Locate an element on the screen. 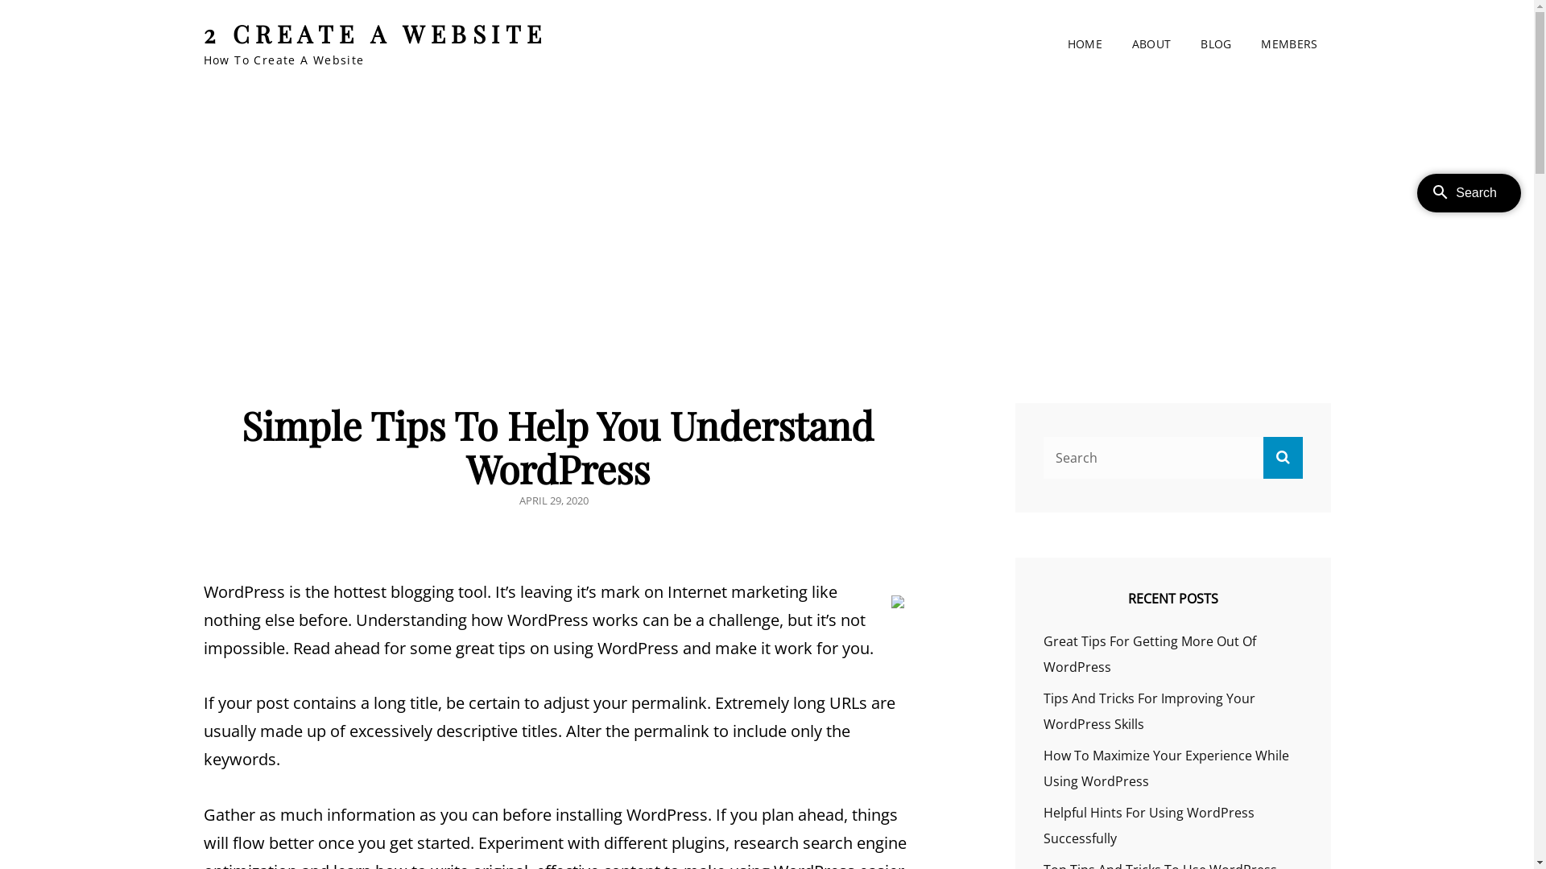 This screenshot has height=869, width=1546. 'APRIL 29, 2020' is located at coordinates (552, 499).